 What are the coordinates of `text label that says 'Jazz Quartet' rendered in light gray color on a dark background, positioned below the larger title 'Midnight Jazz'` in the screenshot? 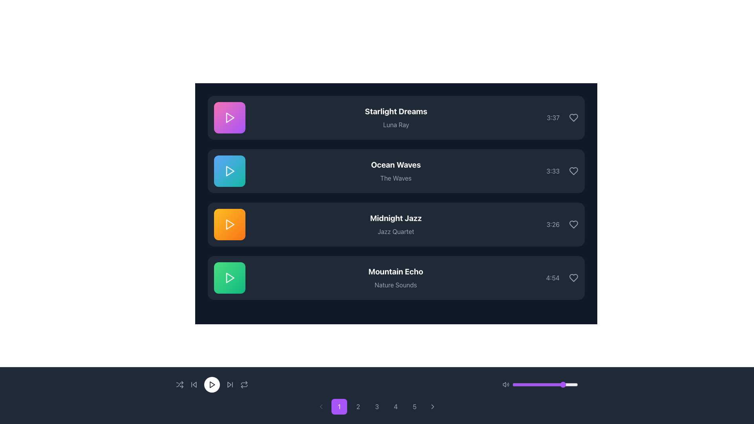 It's located at (396, 231).